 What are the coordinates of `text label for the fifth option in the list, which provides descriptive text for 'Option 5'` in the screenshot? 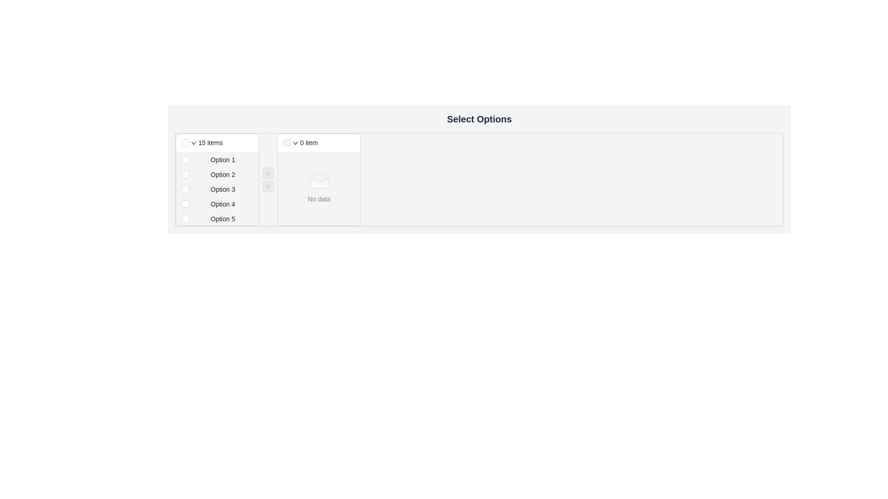 It's located at (222, 219).